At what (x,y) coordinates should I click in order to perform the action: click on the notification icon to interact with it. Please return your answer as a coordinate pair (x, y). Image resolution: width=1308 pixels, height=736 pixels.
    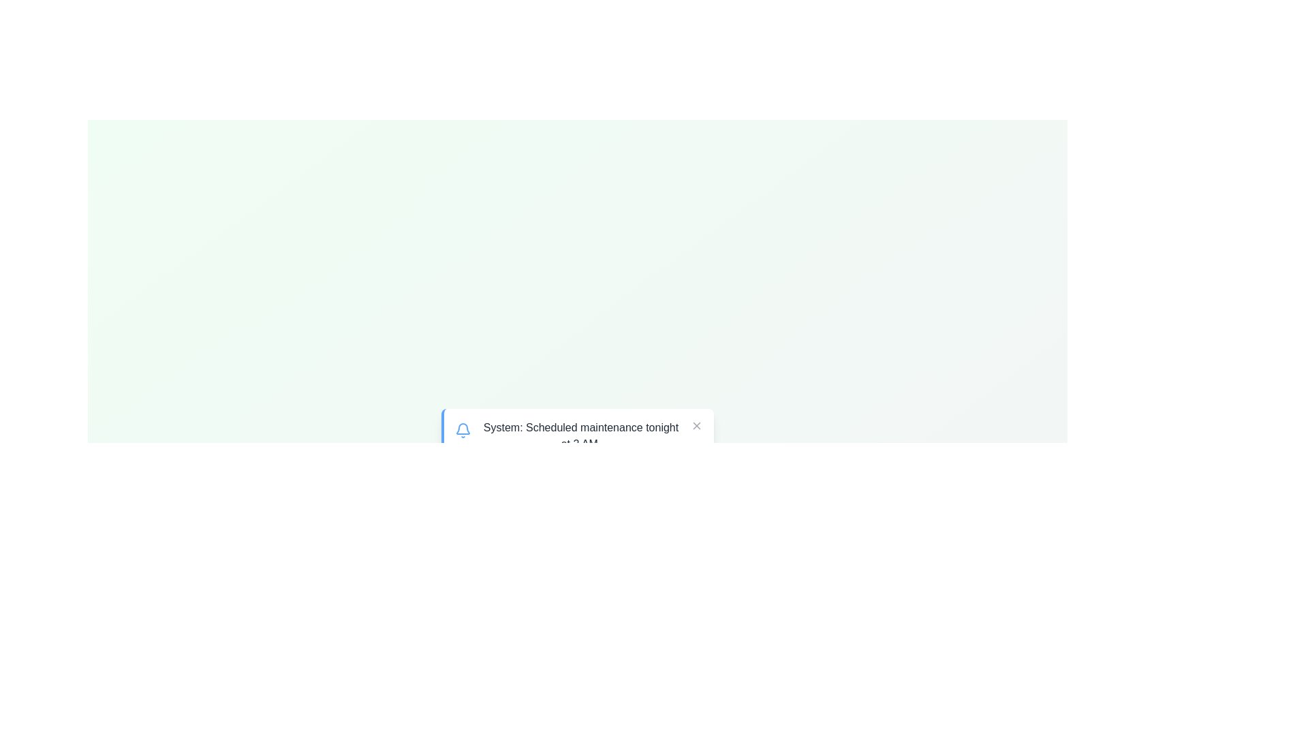
    Looking at the image, I should click on (463, 431).